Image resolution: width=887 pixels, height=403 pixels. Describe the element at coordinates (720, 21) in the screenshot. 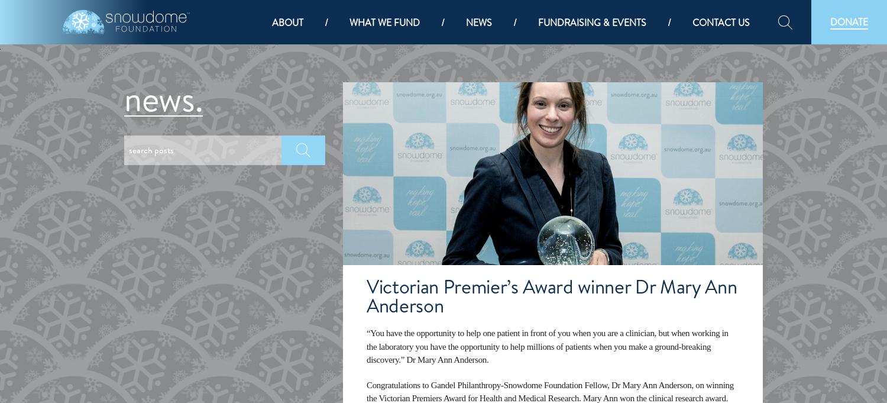

I see `'Contact us'` at that location.